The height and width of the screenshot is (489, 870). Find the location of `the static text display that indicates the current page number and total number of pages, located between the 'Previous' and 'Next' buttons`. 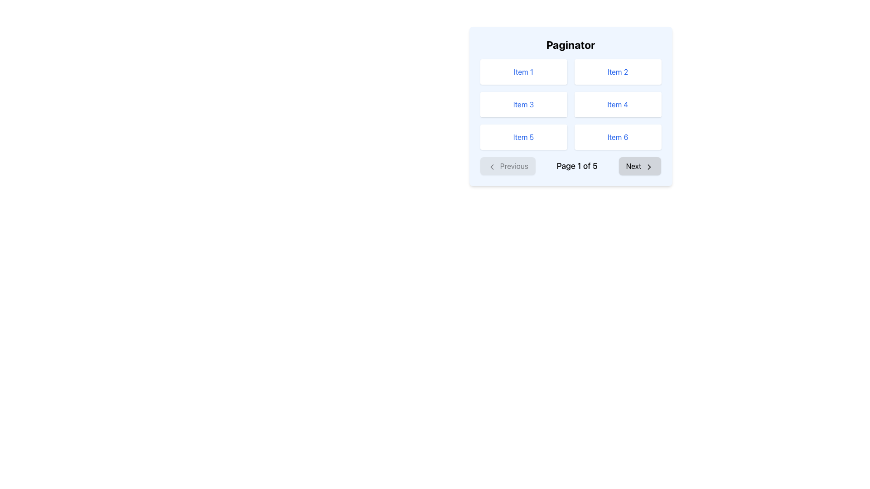

the static text display that indicates the current page number and total number of pages, located between the 'Previous' and 'Next' buttons is located at coordinates (576, 166).